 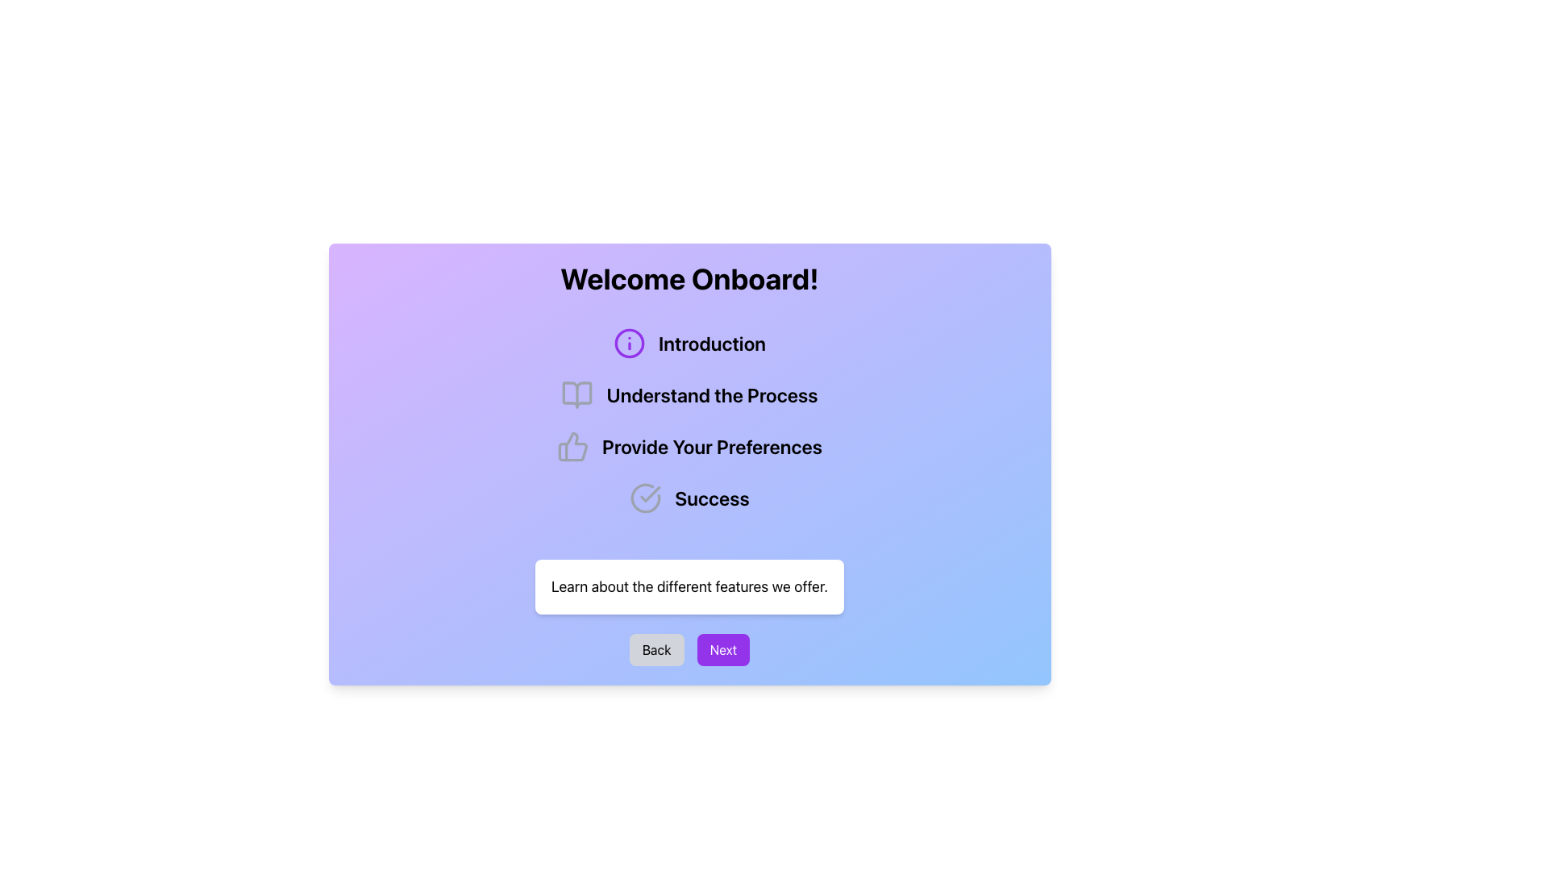 What do you see at coordinates (689, 394) in the screenshot?
I see `the 'Understand the Process' labeled section` at bounding box center [689, 394].